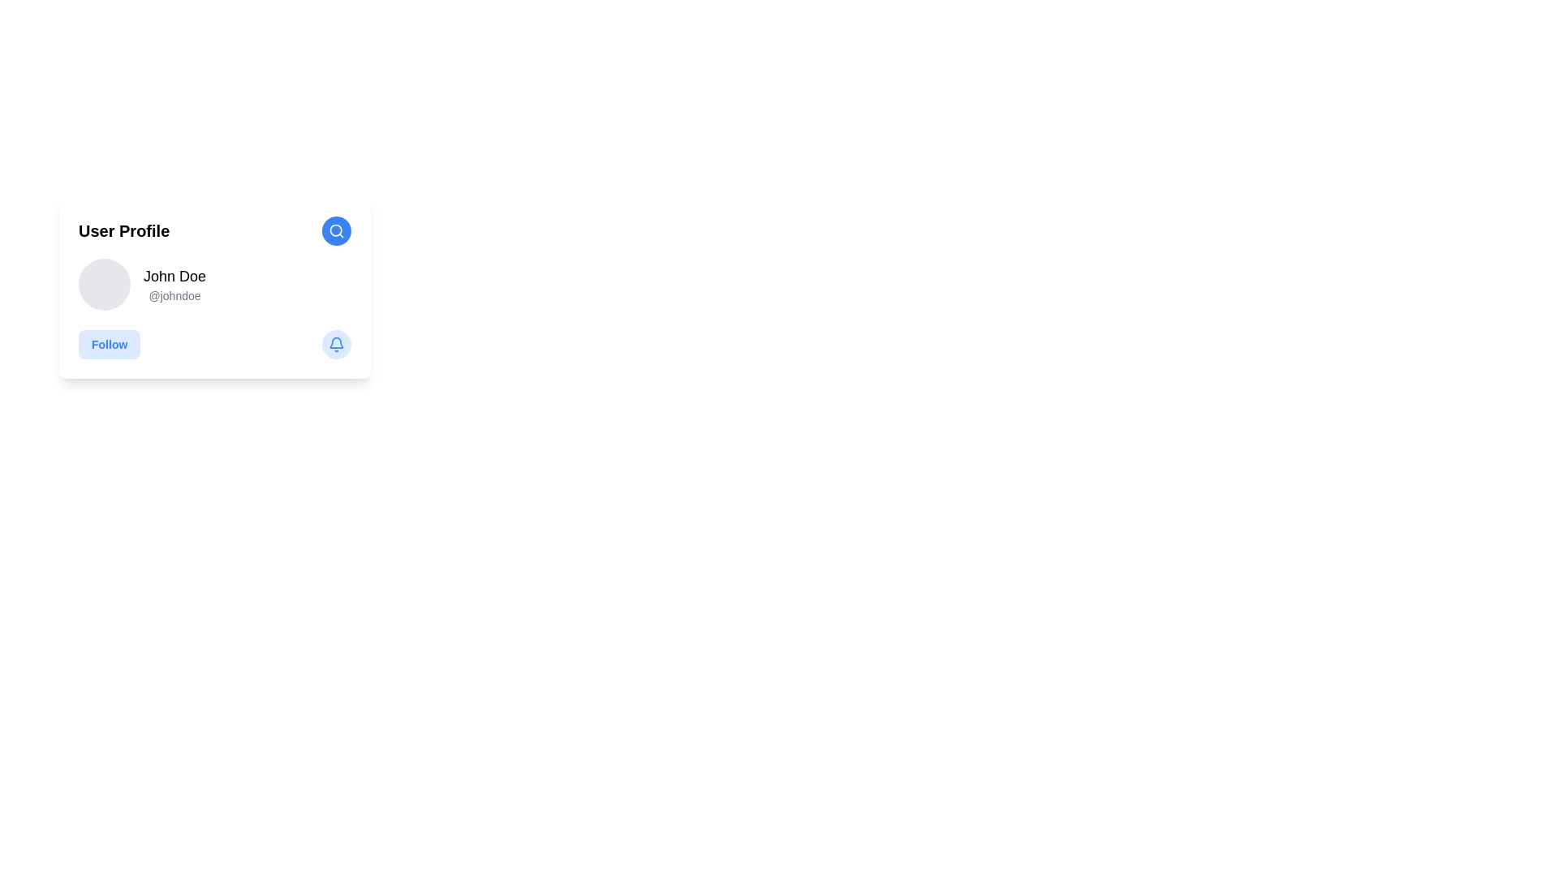  Describe the element at coordinates (335, 231) in the screenshot. I see `the blue magnifying glass icon located in the upper-right corner of the user profile card` at that location.